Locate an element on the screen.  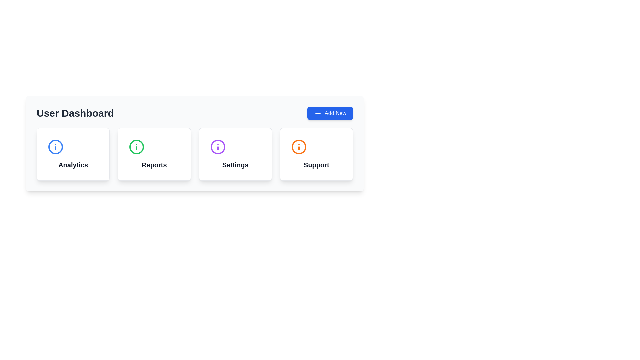
the informational icon in the Analytics card on the User Dashboard, located at the far left of the row is located at coordinates (56, 146).